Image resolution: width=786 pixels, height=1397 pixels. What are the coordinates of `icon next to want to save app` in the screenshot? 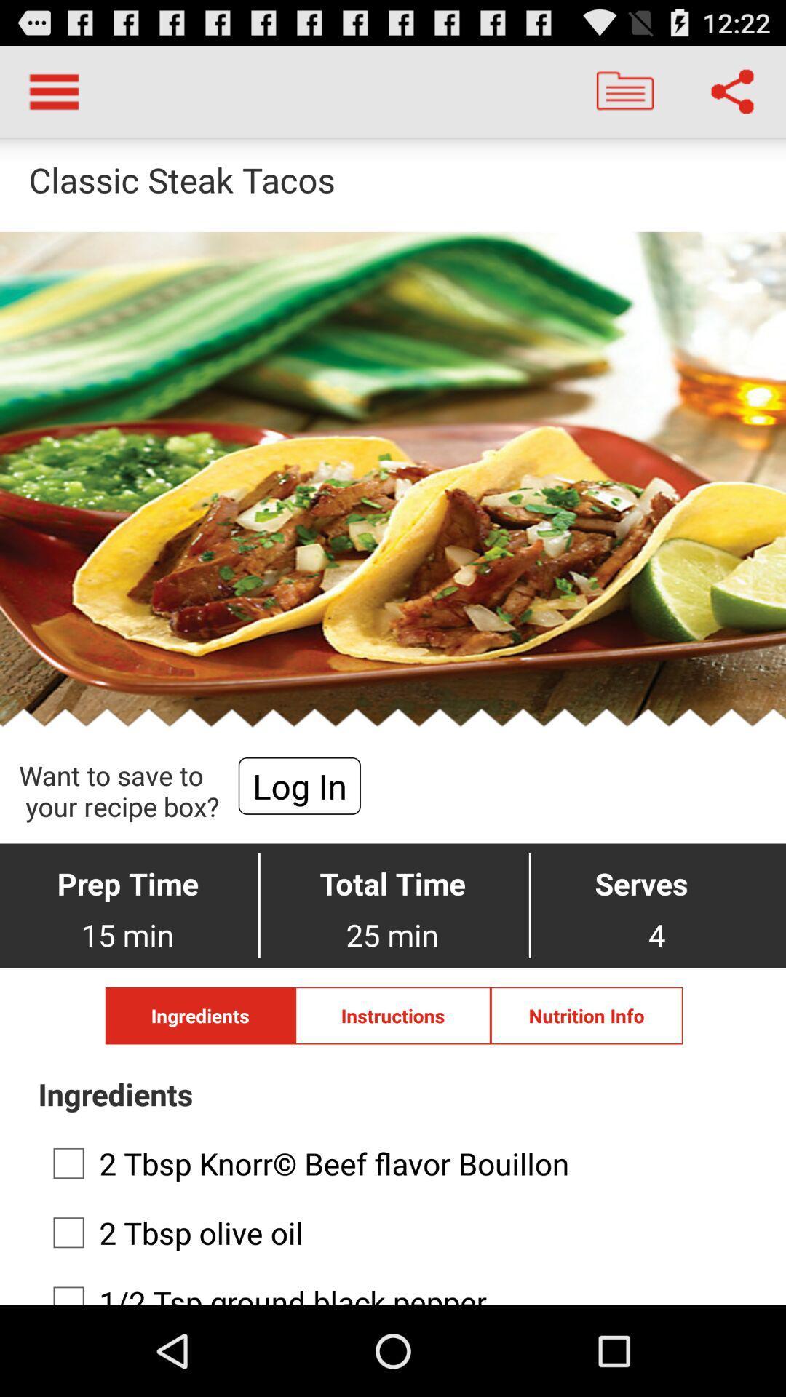 It's located at (298, 785).